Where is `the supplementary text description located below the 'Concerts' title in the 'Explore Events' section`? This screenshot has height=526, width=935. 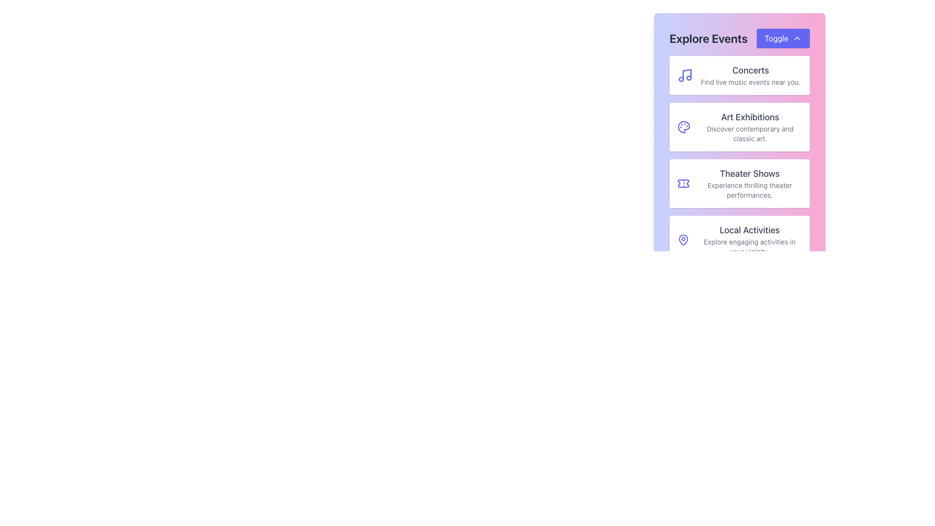
the supplementary text description located below the 'Concerts' title in the 'Explore Events' section is located at coordinates (750, 82).